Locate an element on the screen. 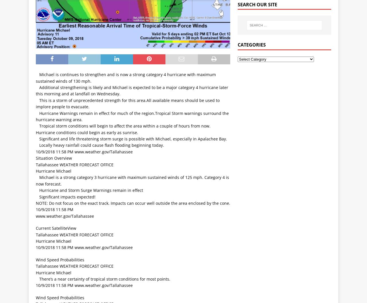  ' Locally heavy rainfall could cause flash flooding beginning today.' is located at coordinates (100, 145).